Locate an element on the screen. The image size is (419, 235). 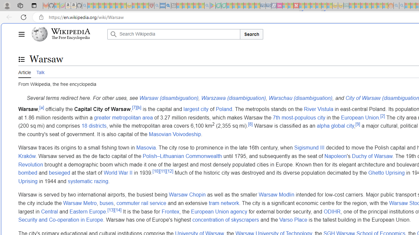
'[b]' is located at coordinates (138, 107).